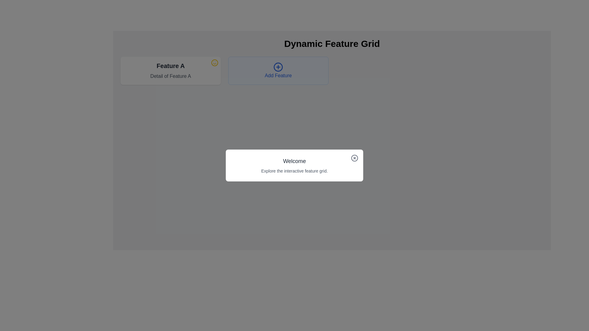 The width and height of the screenshot is (589, 331). What do you see at coordinates (214, 63) in the screenshot?
I see `the circular smiling face icon with a yellow outline` at bounding box center [214, 63].